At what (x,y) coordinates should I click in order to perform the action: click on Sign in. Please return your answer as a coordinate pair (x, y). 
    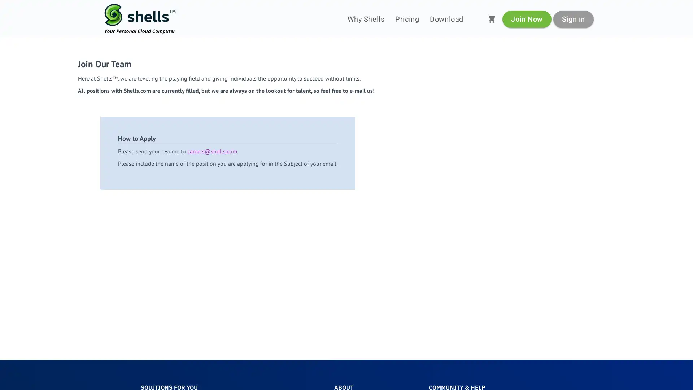
    Looking at the image, I should click on (573, 18).